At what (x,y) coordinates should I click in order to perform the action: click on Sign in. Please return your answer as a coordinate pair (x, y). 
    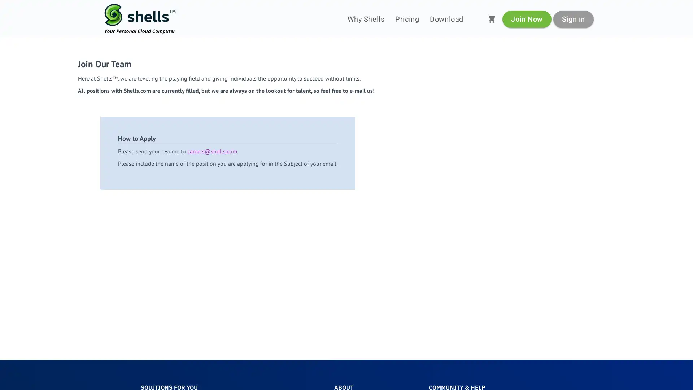
    Looking at the image, I should click on (573, 18).